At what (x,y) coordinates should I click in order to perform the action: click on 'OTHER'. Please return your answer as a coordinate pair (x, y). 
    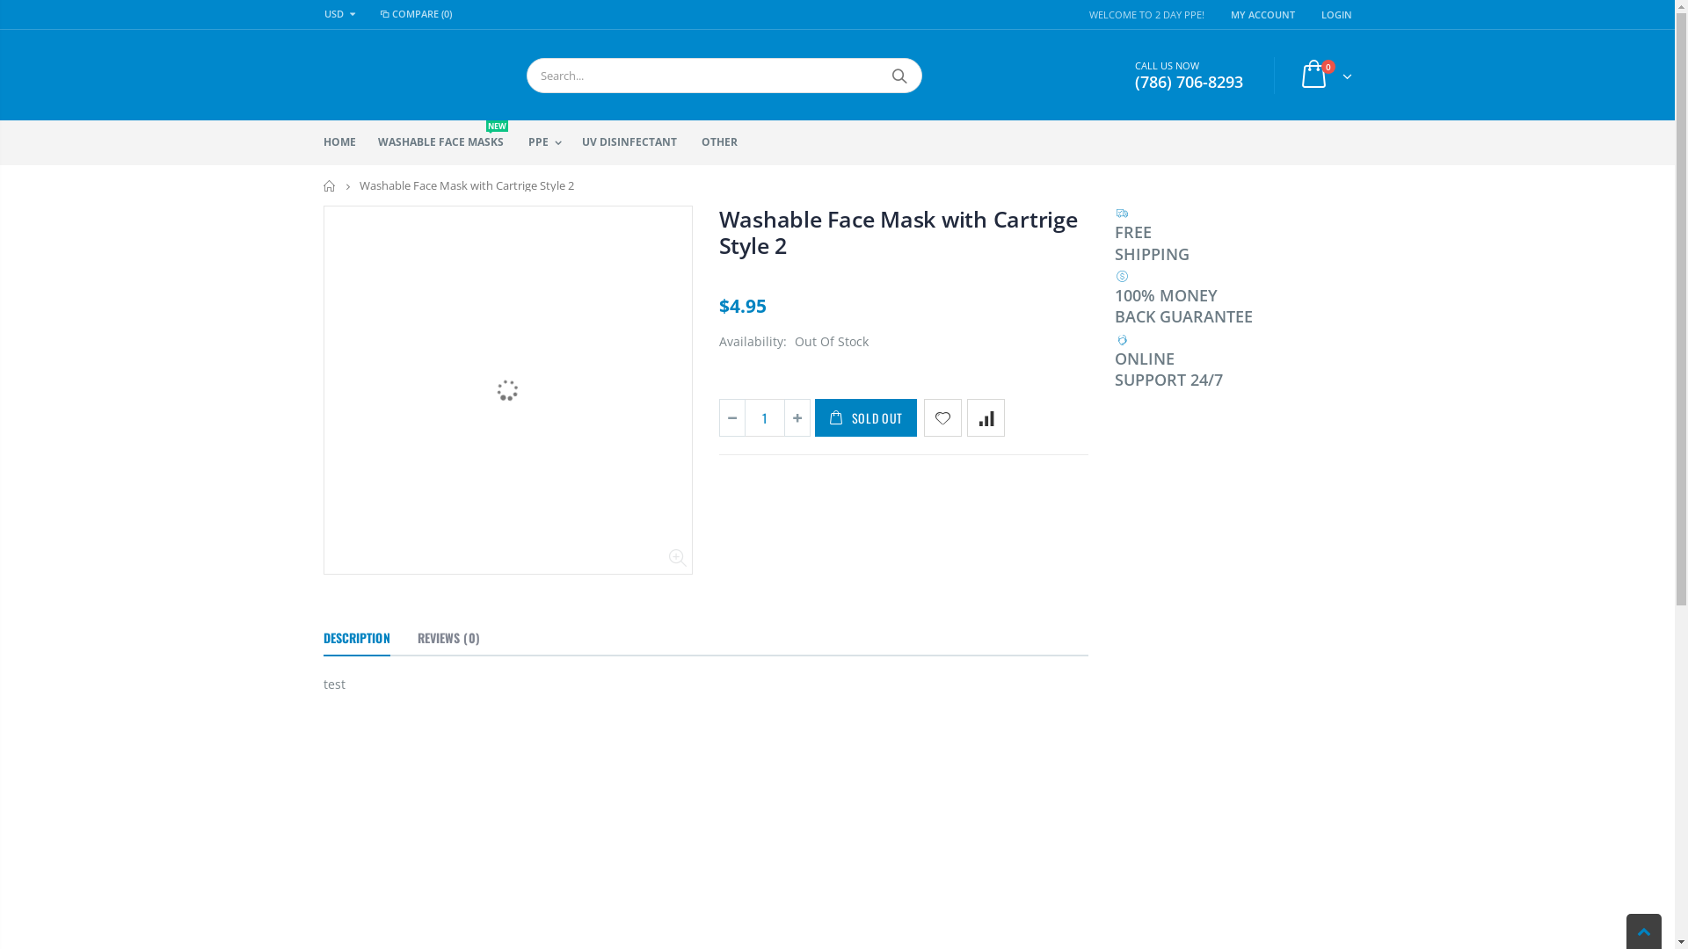
    Looking at the image, I should click on (725, 141).